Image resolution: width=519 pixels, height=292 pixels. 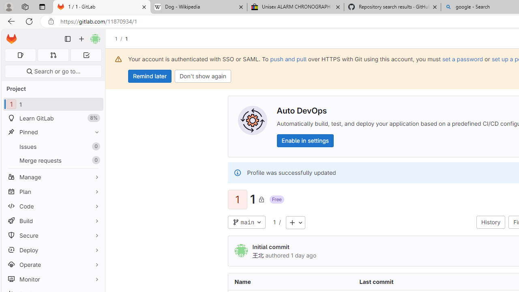 I want to click on 'Operate', so click(x=53, y=264).